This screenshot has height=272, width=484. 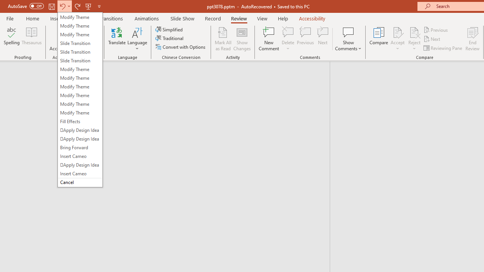 I want to click on 'Compare', so click(x=379, y=39).